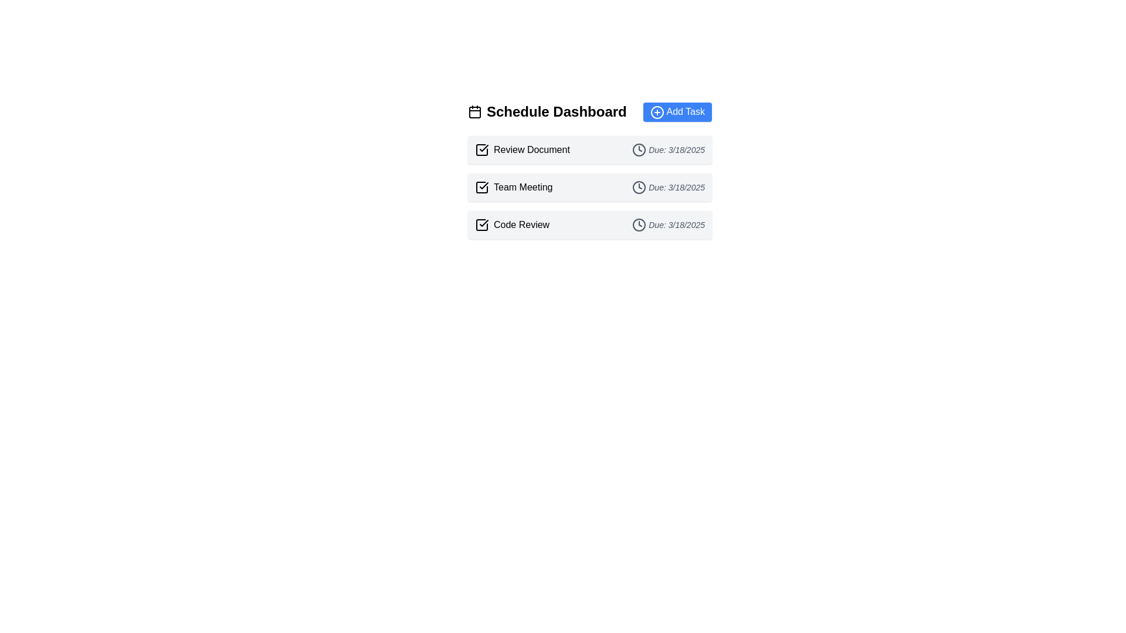 This screenshot has height=633, width=1126. I want to click on the checkbox for the 'Review Document' task in the 'Schedule Dashboard', so click(481, 148).